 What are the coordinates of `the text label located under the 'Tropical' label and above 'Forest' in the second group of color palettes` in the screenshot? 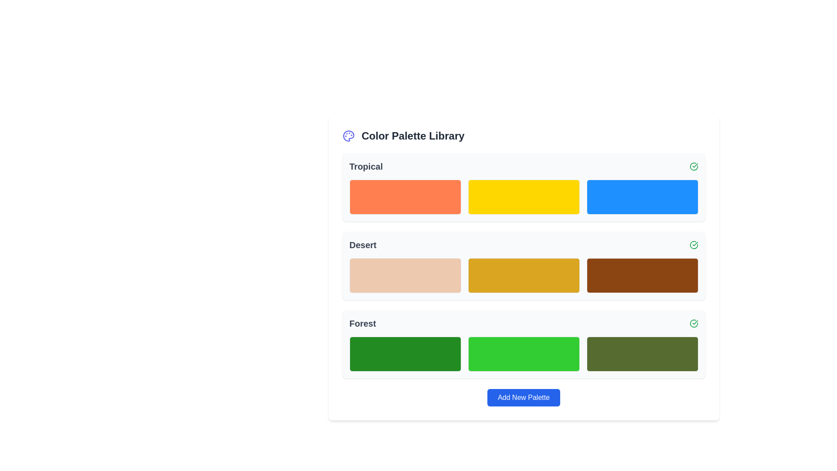 It's located at (363, 245).